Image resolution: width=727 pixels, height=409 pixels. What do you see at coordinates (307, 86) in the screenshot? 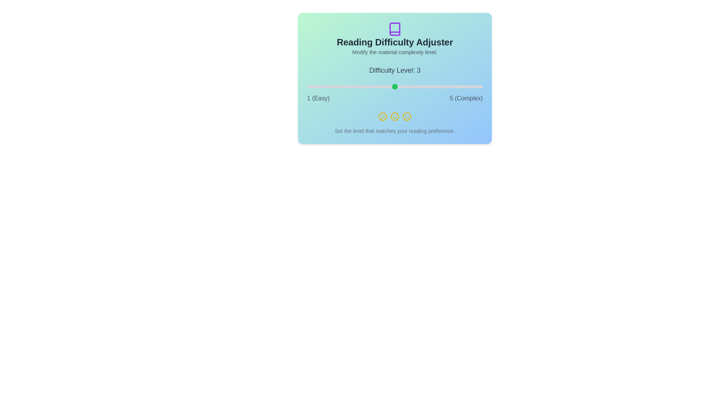
I see `the difficulty level to 1 using the slider` at bounding box center [307, 86].